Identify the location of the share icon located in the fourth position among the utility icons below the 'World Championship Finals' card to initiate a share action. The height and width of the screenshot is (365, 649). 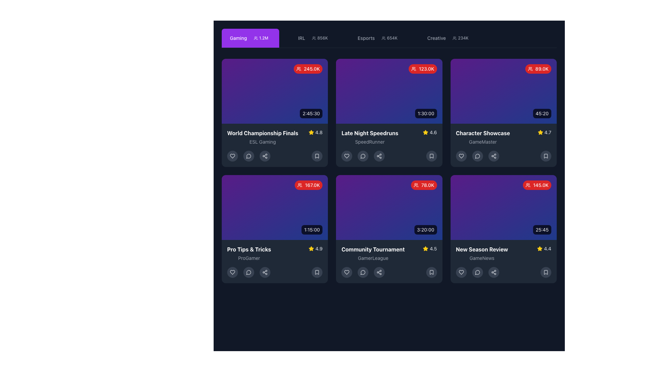
(264, 156).